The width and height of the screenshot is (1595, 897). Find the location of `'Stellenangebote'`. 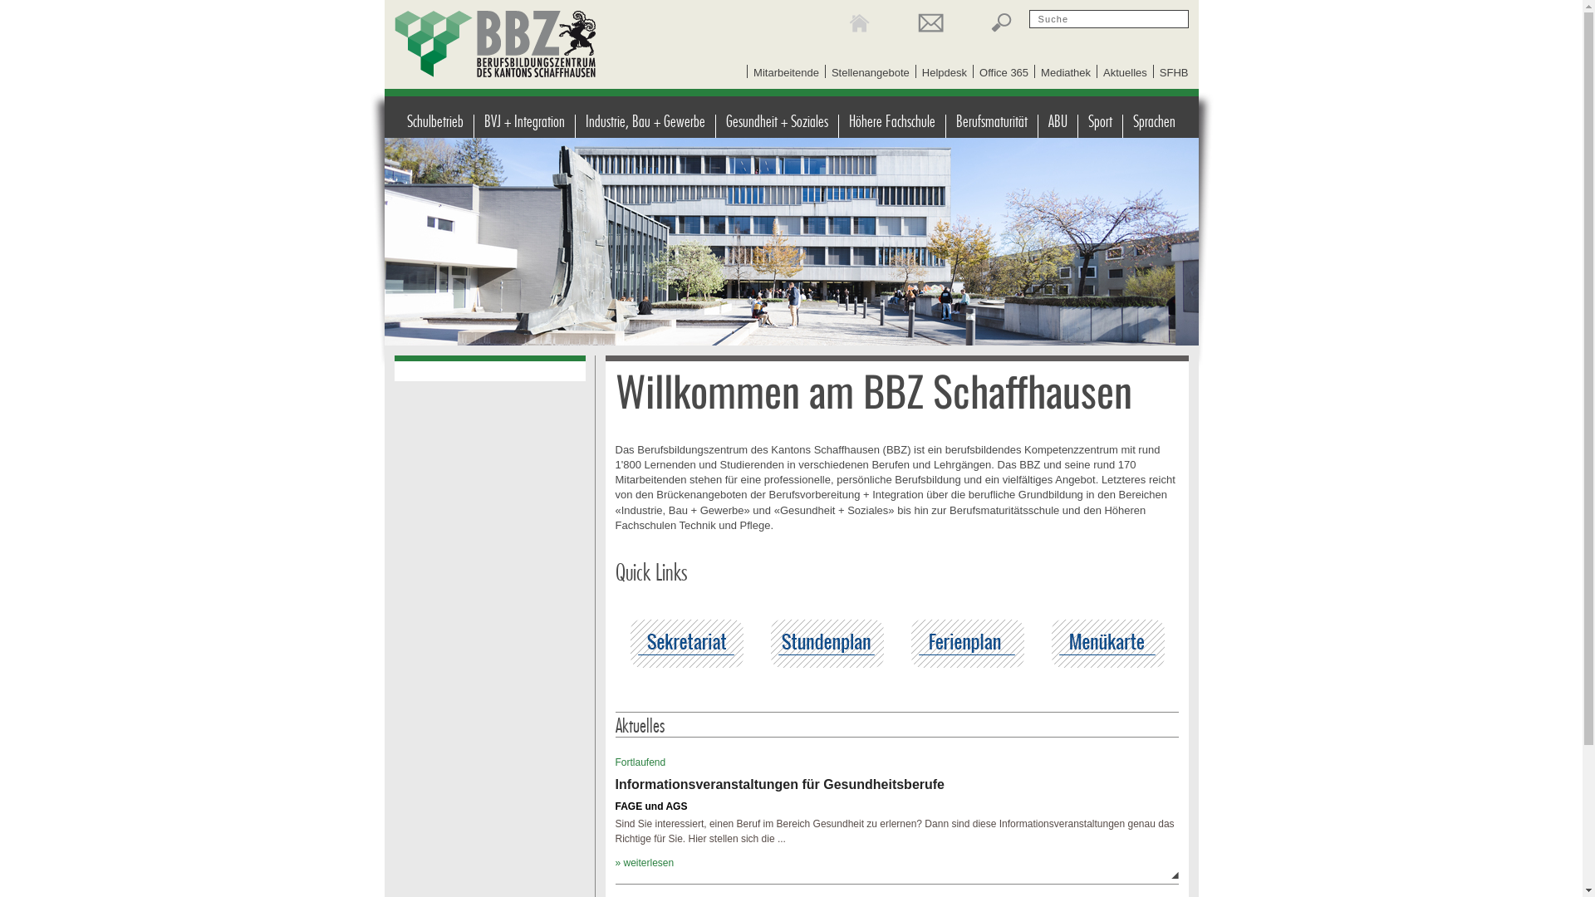

'Stellenangebote' is located at coordinates (869, 72).